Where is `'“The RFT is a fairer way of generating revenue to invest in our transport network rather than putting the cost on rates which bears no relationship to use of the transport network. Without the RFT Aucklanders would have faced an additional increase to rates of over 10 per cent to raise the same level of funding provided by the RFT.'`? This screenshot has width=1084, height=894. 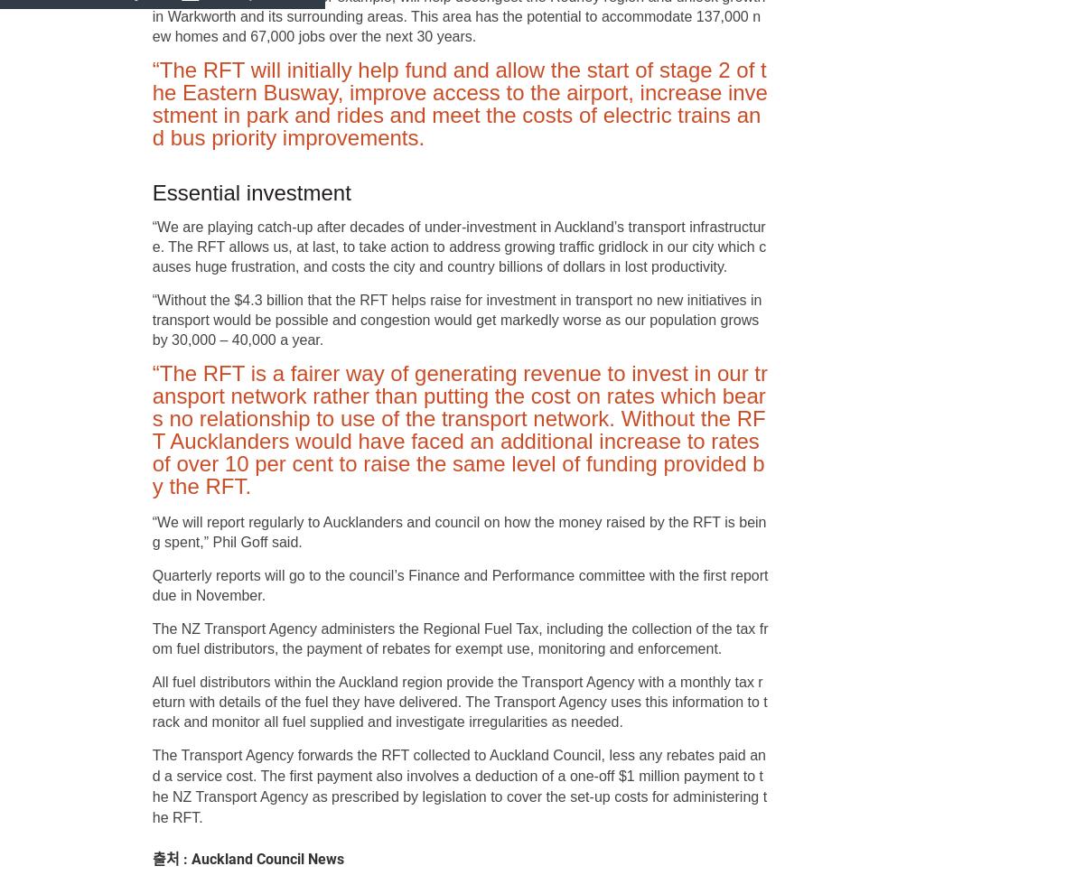
'“The RFT is a fairer way of generating revenue to invest in our transport network rather than putting the cost on rates which bears no relationship to use of the transport network. Without the RFT Aucklanders would have faced an additional increase to rates of over 10 per cent to raise the same level of funding provided by the RFT.' is located at coordinates (458, 429).